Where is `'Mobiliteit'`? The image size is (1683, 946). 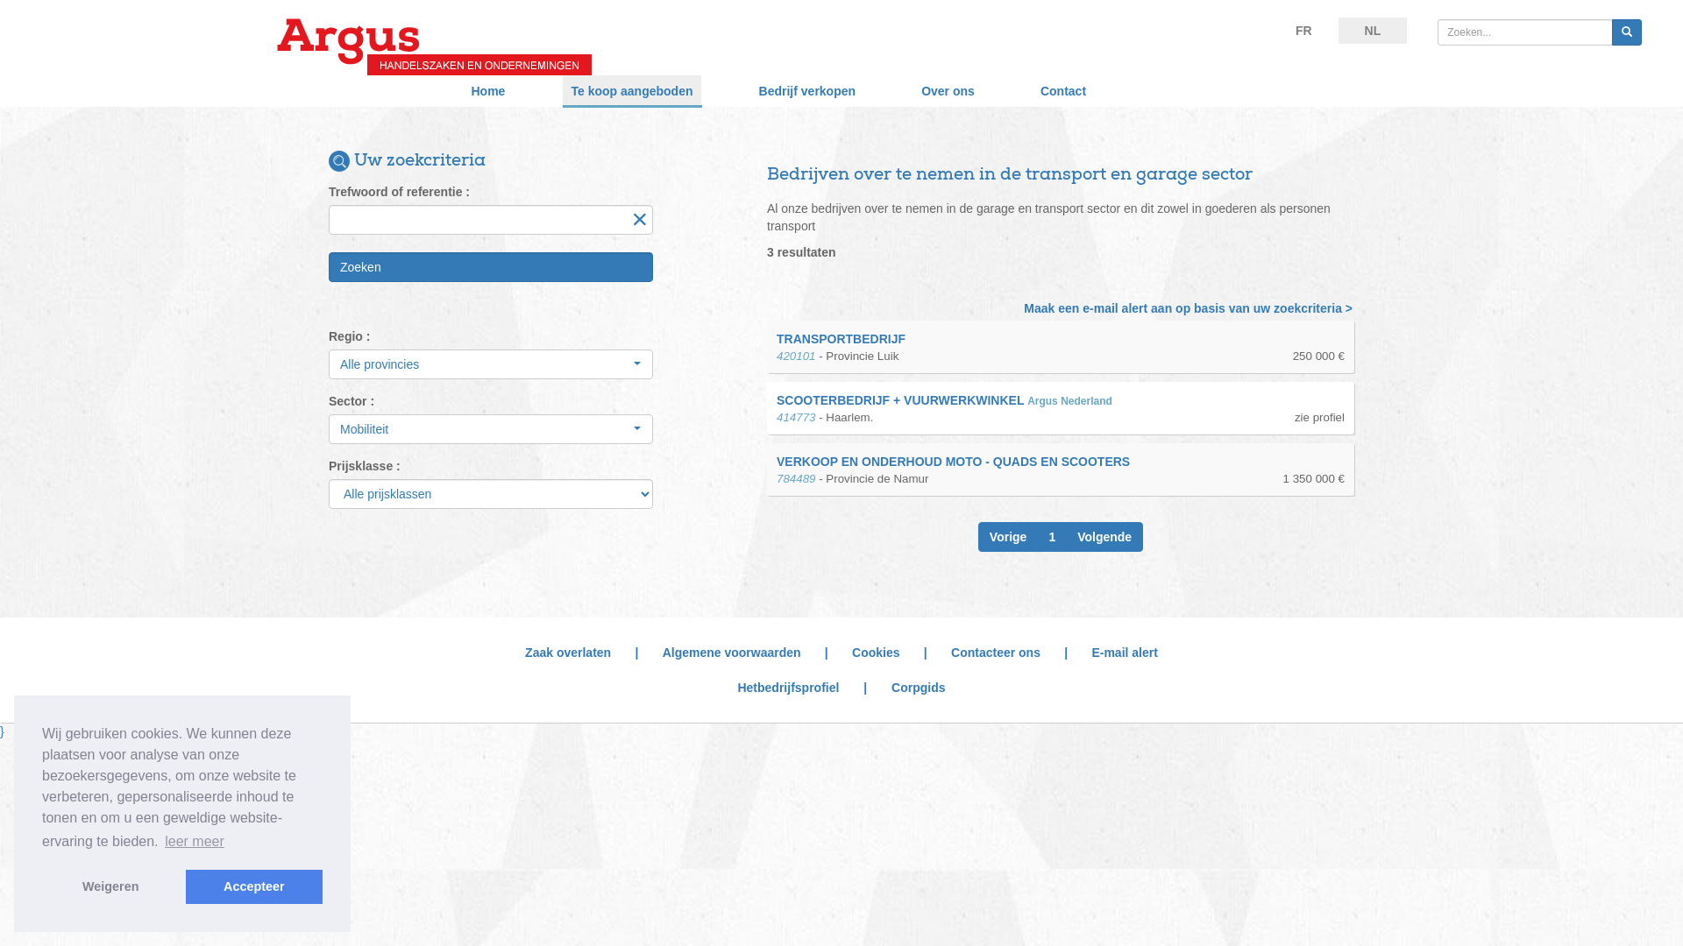
'Mobiliteit' is located at coordinates (491, 428).